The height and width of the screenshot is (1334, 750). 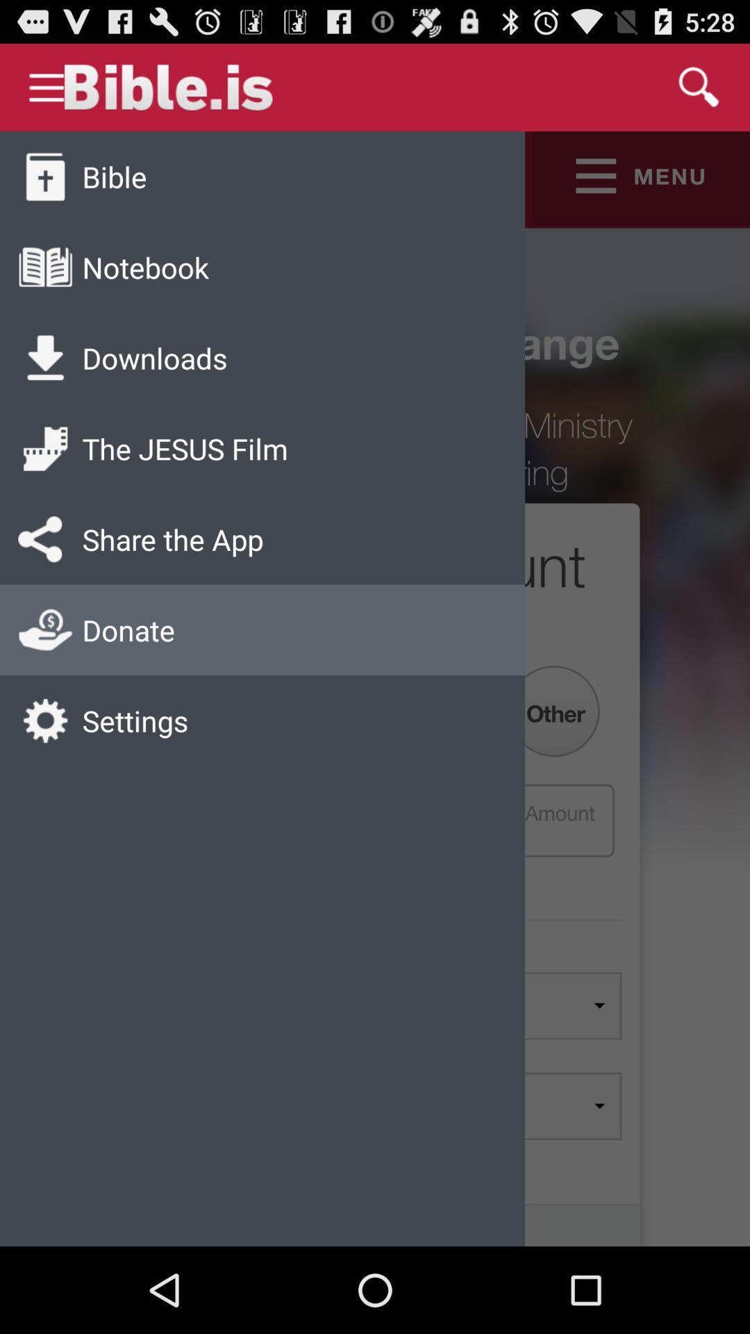 What do you see at coordinates (155, 358) in the screenshot?
I see `icon above the jesus film app` at bounding box center [155, 358].